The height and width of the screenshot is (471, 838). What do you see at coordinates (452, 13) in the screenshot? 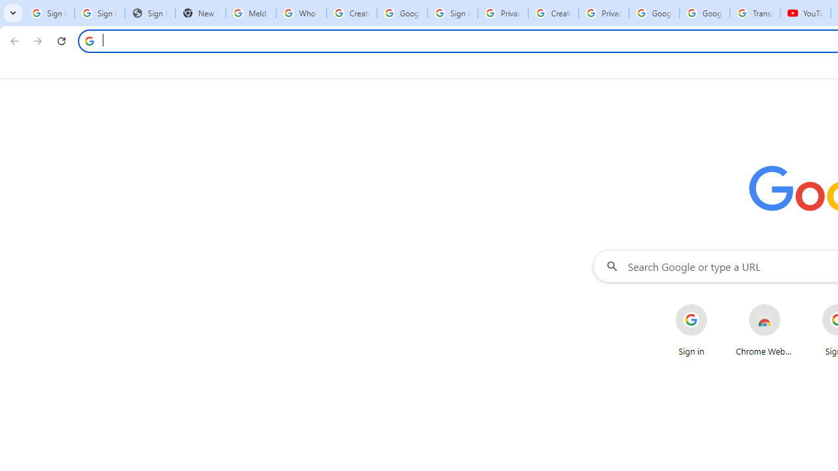
I see `'Sign in - Google Accounts'` at bounding box center [452, 13].